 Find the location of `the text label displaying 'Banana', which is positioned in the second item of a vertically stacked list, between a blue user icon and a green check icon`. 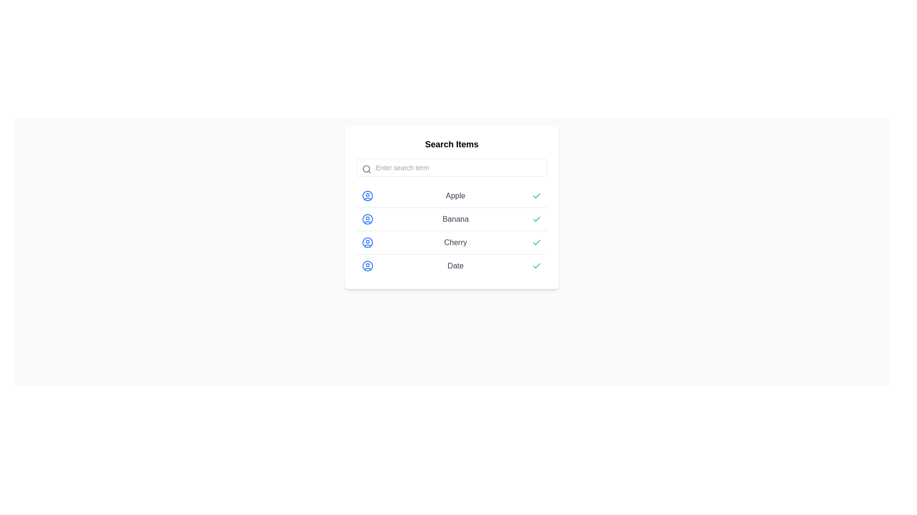

the text label displaying 'Banana', which is positioned in the second item of a vertically stacked list, between a blue user icon and a green check icon is located at coordinates (455, 219).